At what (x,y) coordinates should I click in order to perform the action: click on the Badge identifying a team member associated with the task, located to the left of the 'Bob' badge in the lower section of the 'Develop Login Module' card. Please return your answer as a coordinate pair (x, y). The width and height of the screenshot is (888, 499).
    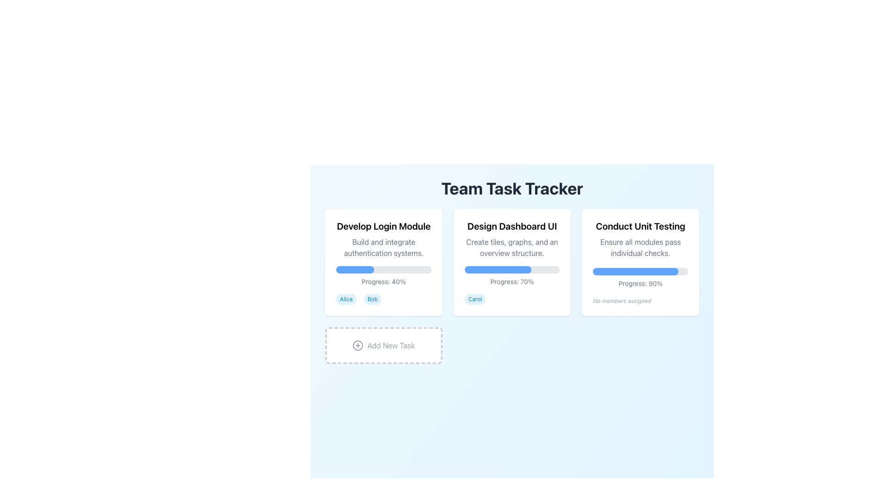
    Looking at the image, I should click on (345, 299).